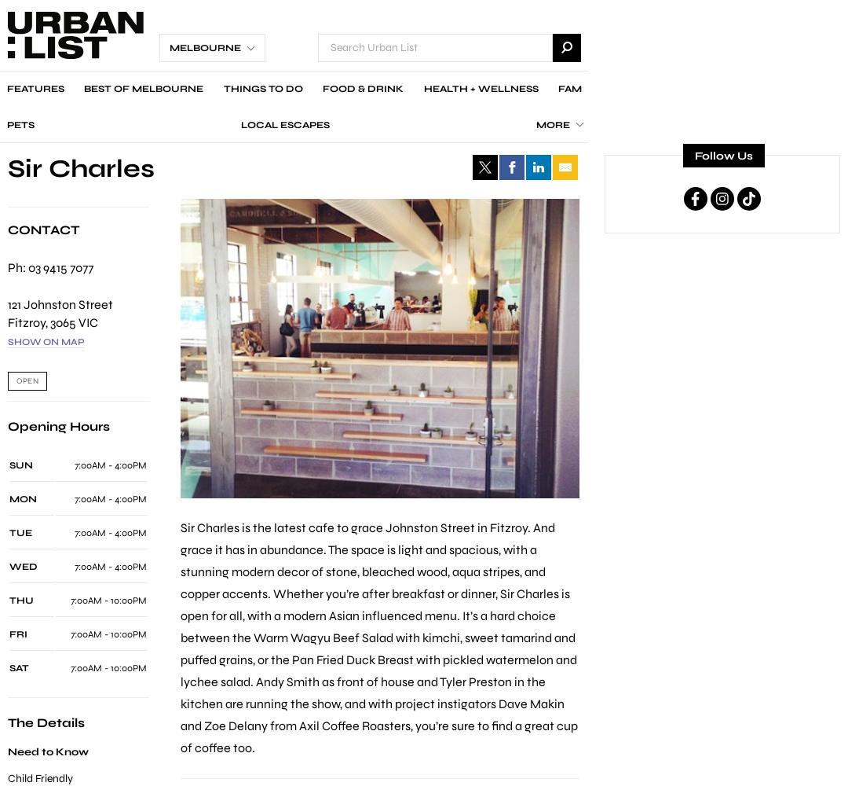  What do you see at coordinates (204, 48) in the screenshot?
I see `'Melbourne'` at bounding box center [204, 48].